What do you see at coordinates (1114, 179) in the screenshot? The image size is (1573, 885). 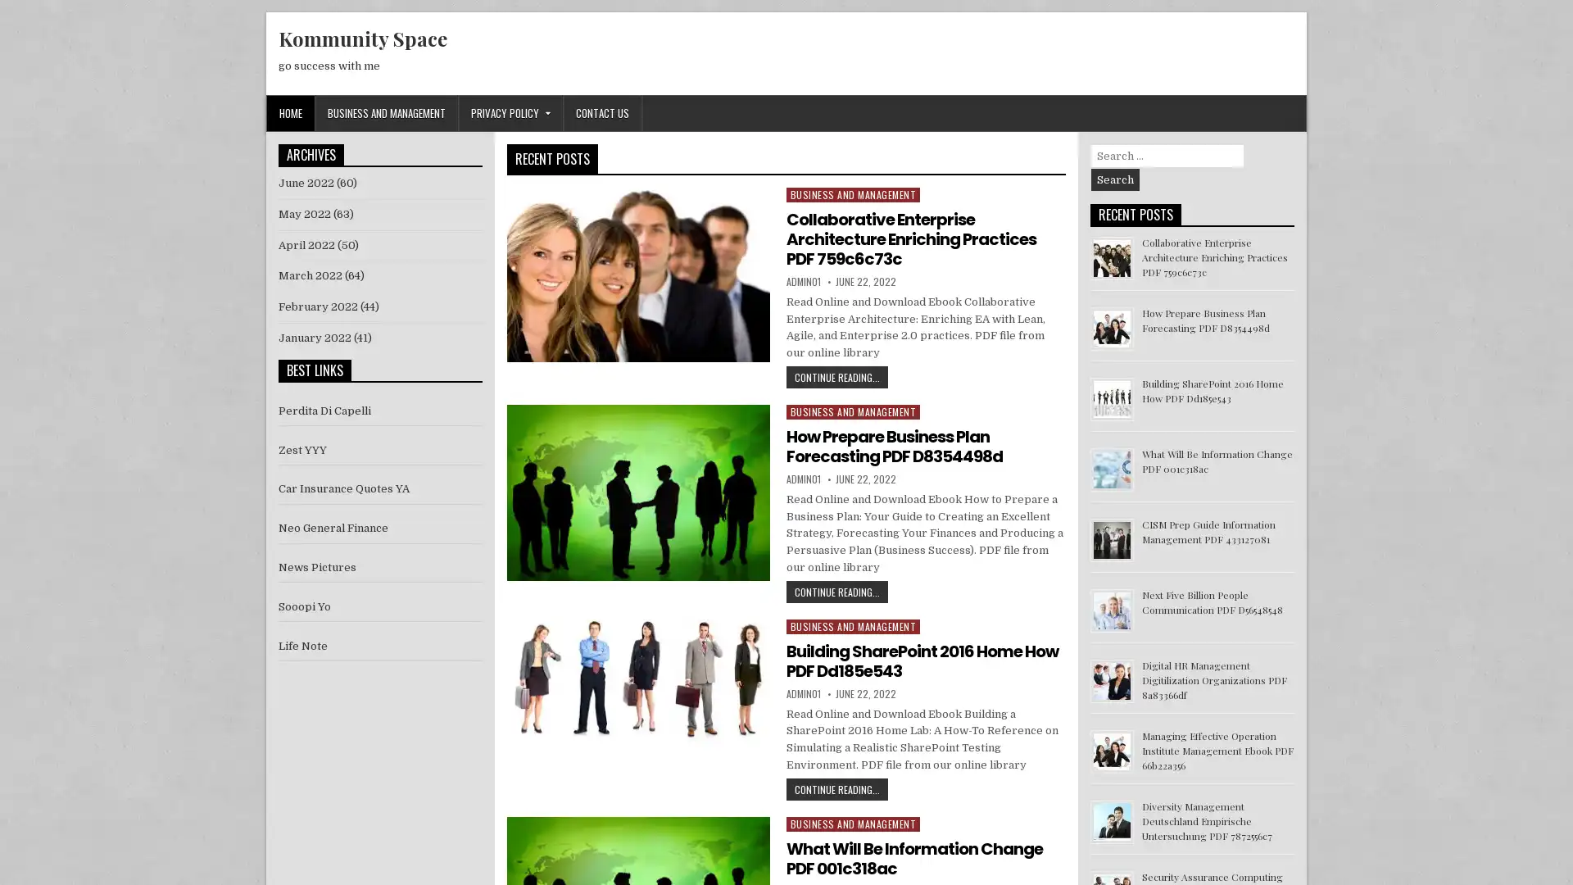 I see `Search` at bounding box center [1114, 179].